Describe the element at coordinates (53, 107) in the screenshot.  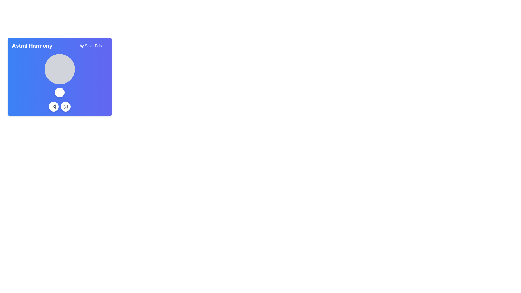
I see `the back arrow icon located within the leftmost button at the bottom of the interface to go to the previous item` at that location.